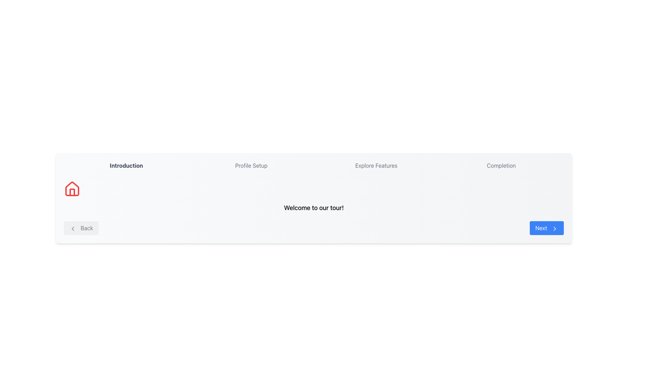 This screenshot has height=375, width=667. Describe the element at coordinates (554, 228) in the screenshot. I see `the Decorative icon, which is a small graphical depiction of an arrow pointing right within a right chevron icon, located adjacent to the blue 'Next' button` at that location.